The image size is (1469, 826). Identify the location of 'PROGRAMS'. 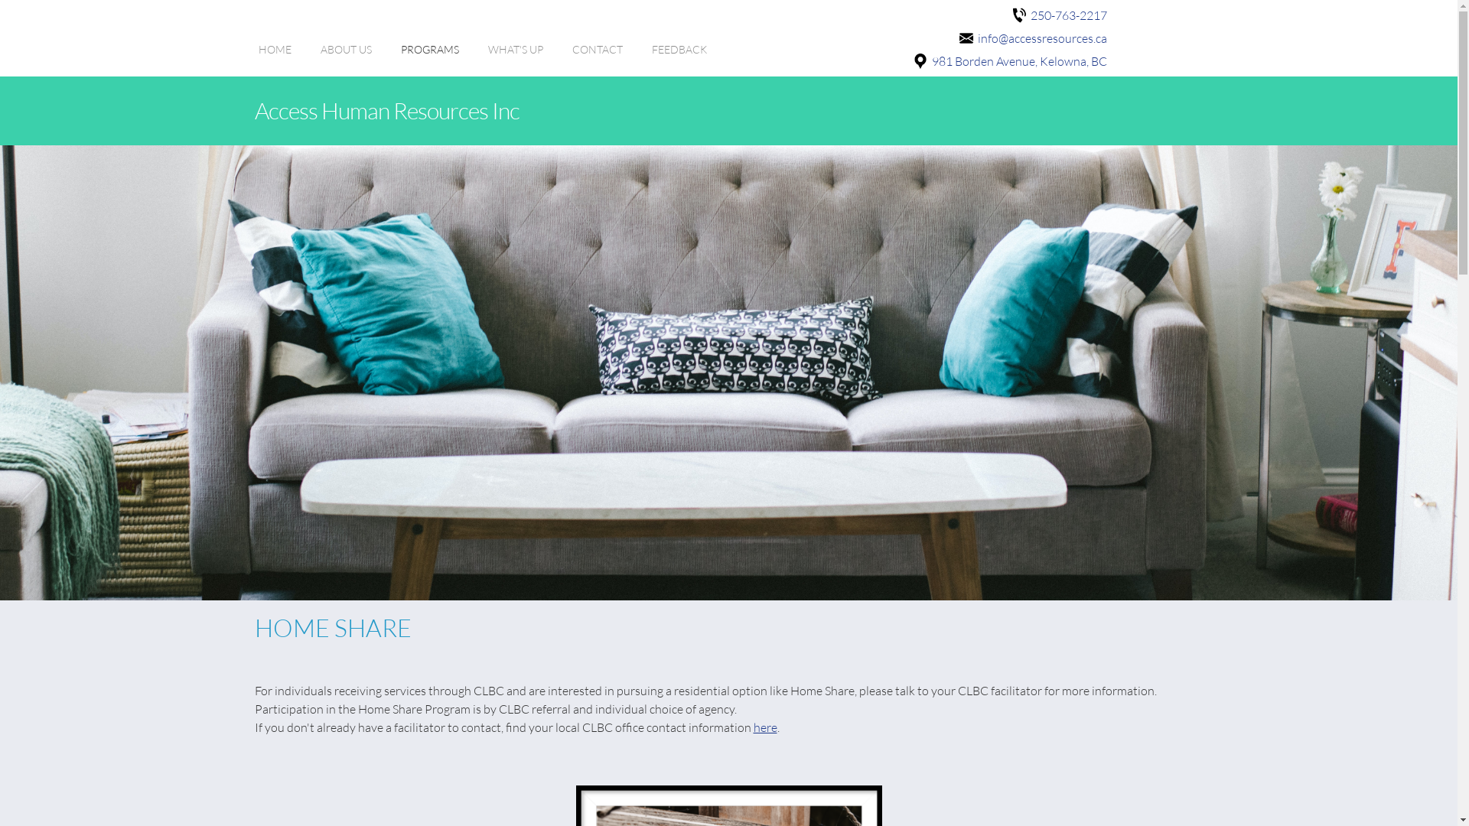
(428, 56).